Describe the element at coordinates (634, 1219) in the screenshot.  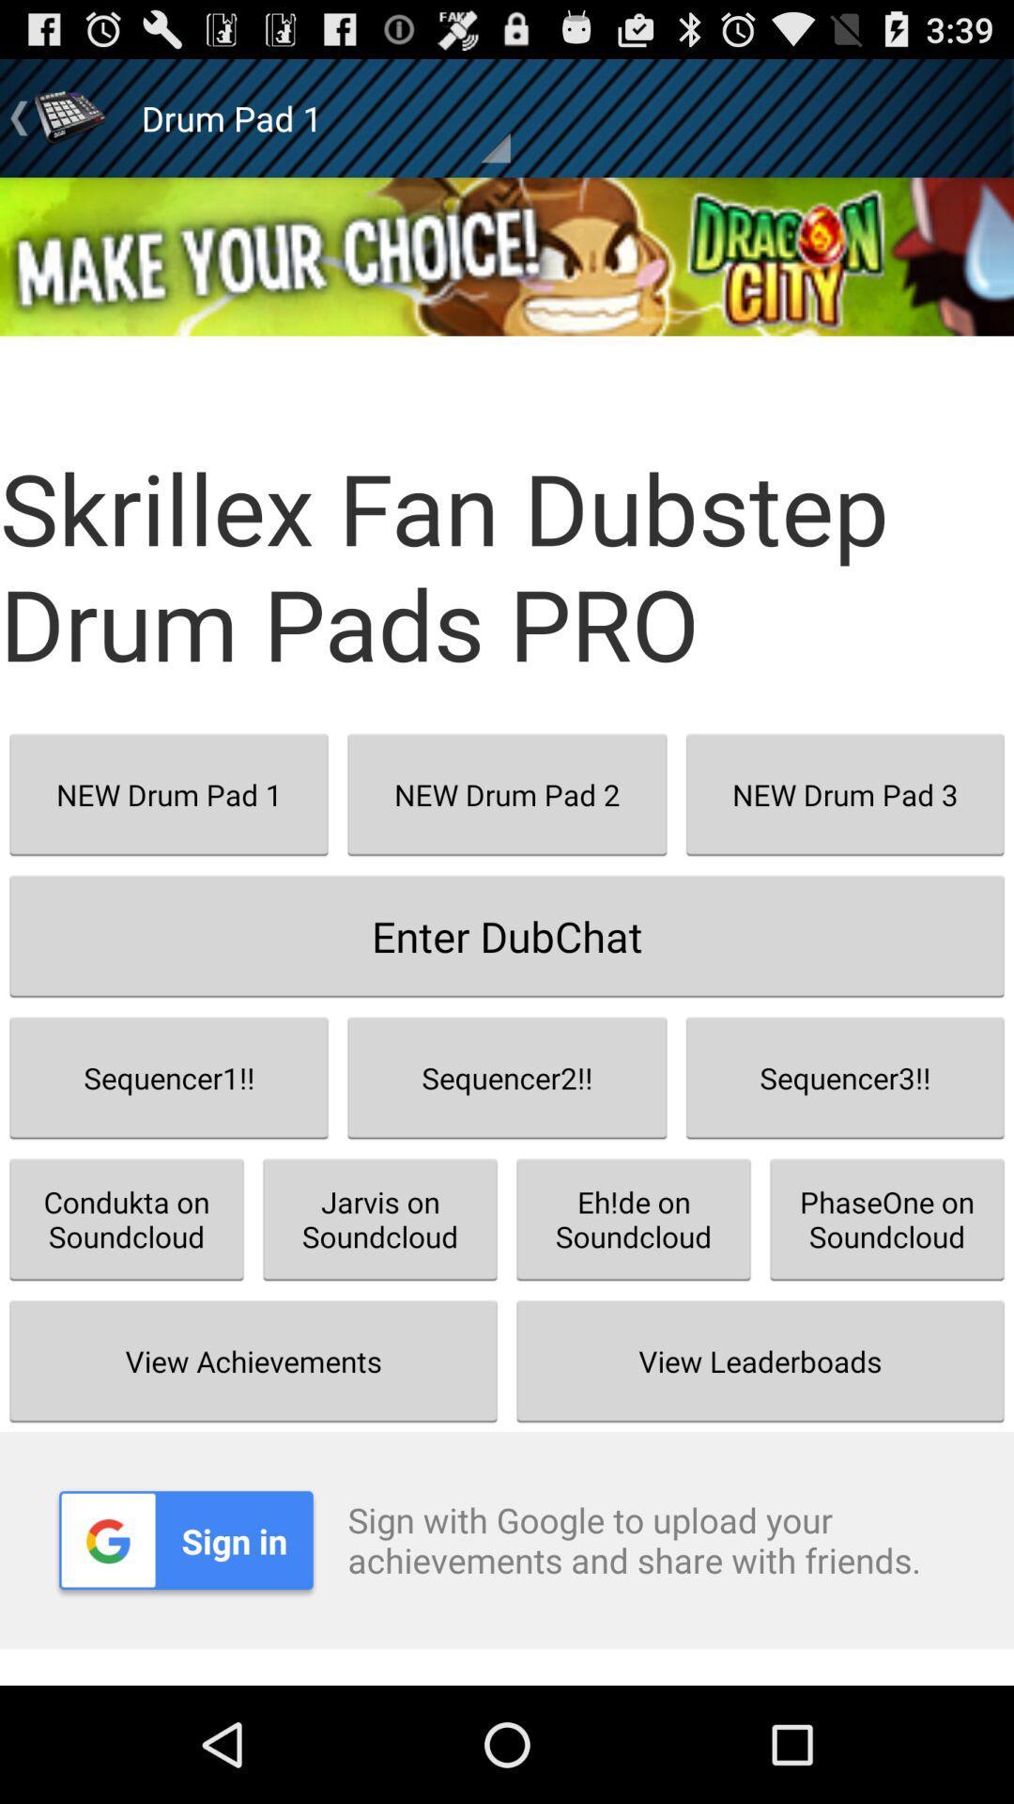
I see `button below the sequencer2!! button` at that location.